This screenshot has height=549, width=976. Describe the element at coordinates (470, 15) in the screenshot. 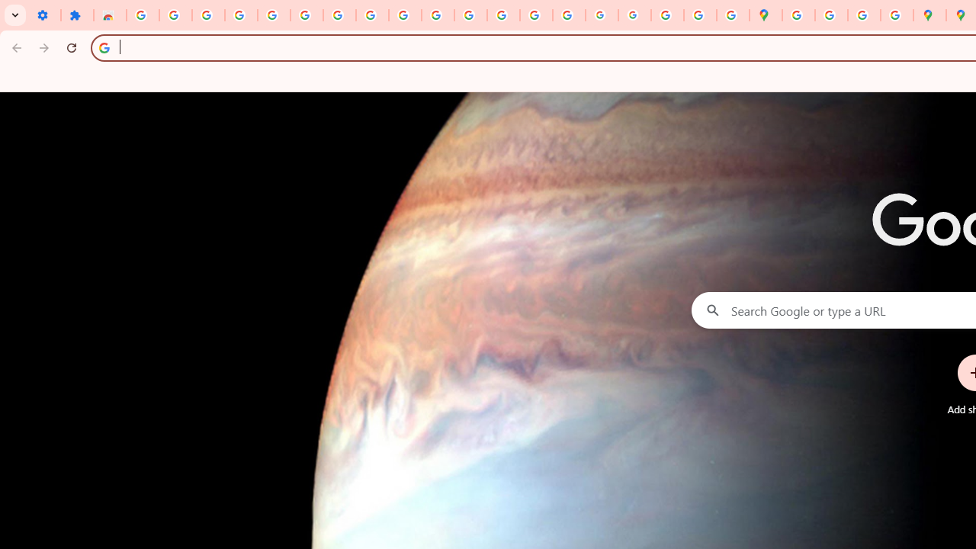

I see `'https://scholar.google.com/'` at that location.